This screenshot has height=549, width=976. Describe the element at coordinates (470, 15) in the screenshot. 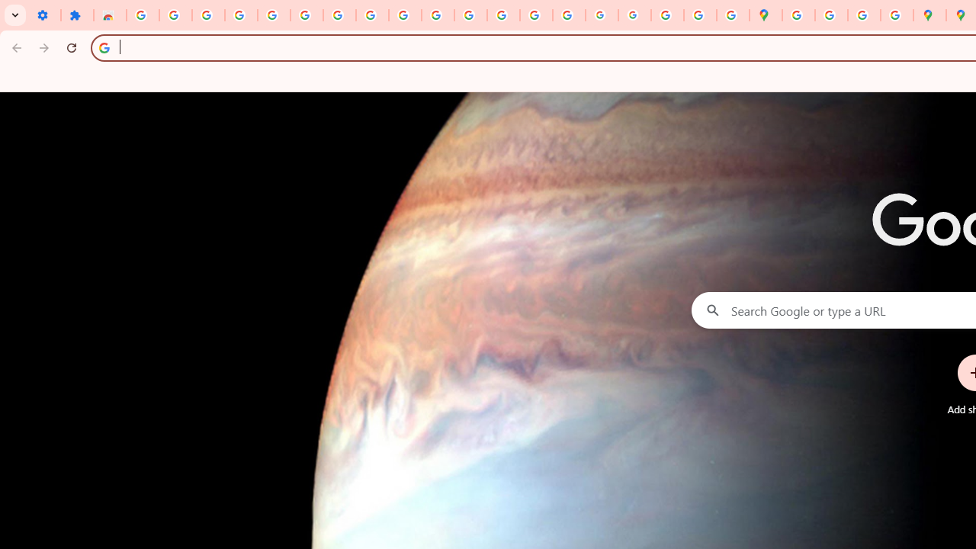

I see `'https://scholar.google.com/'` at that location.